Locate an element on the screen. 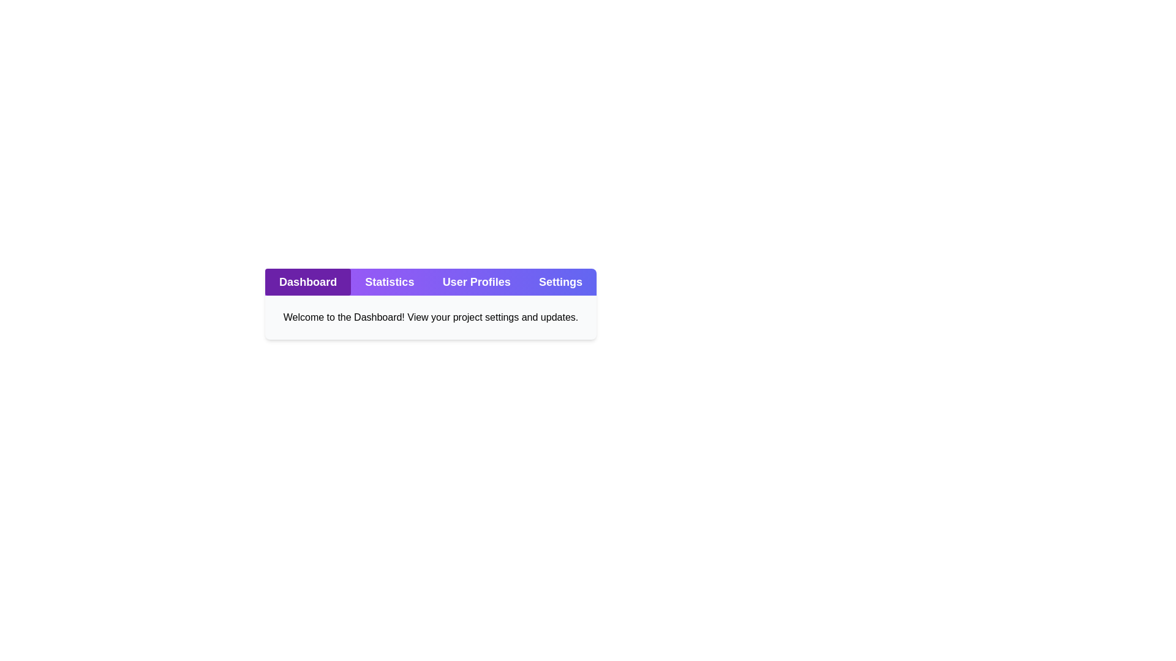 Image resolution: width=1176 pixels, height=661 pixels. the Settings tab to view its content is located at coordinates (560, 282).